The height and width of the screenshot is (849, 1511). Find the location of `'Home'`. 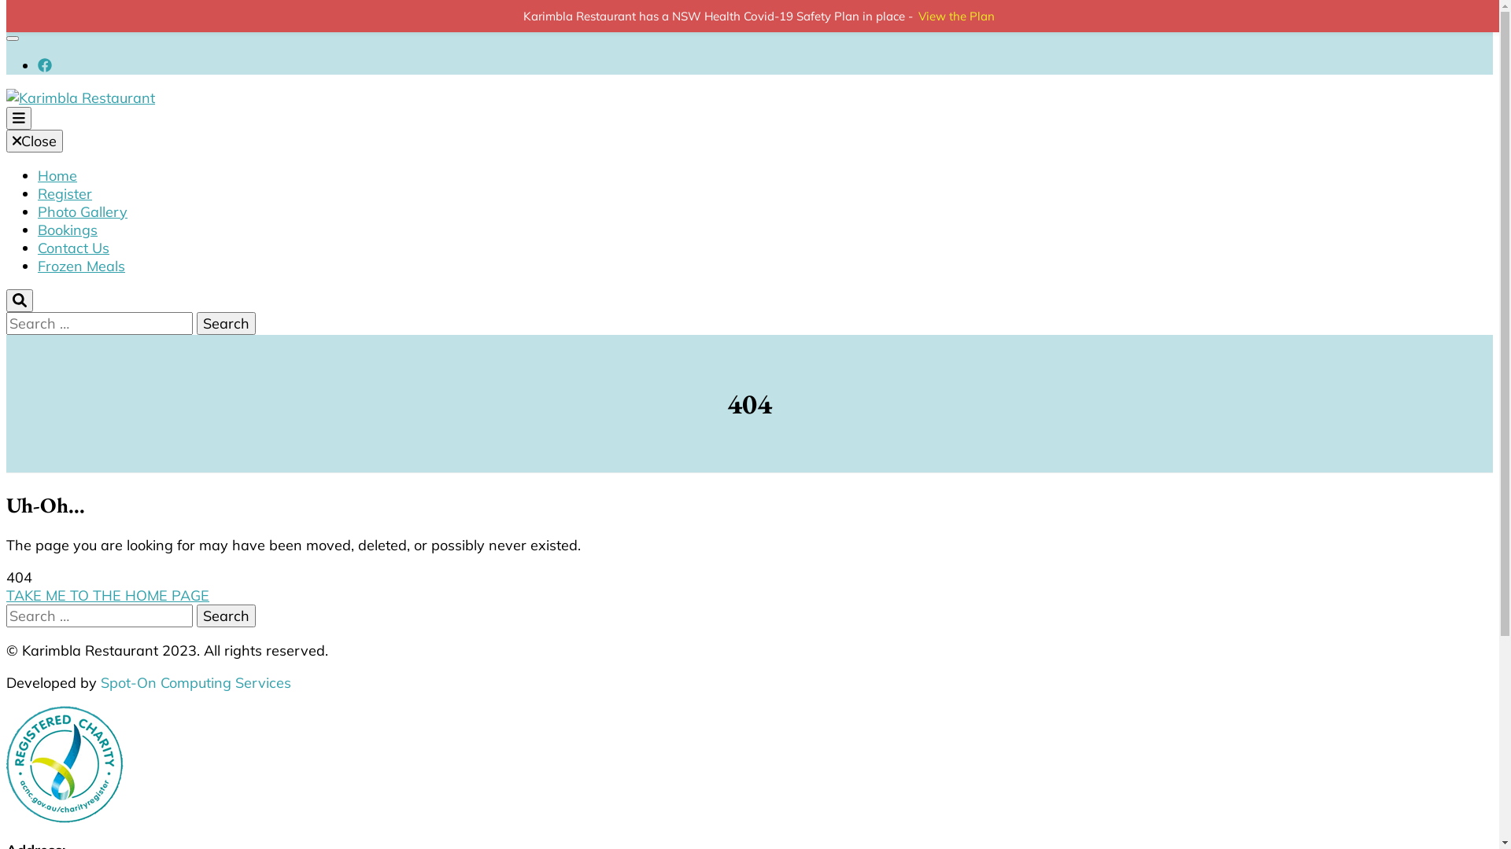

'Home' is located at coordinates (57, 175).